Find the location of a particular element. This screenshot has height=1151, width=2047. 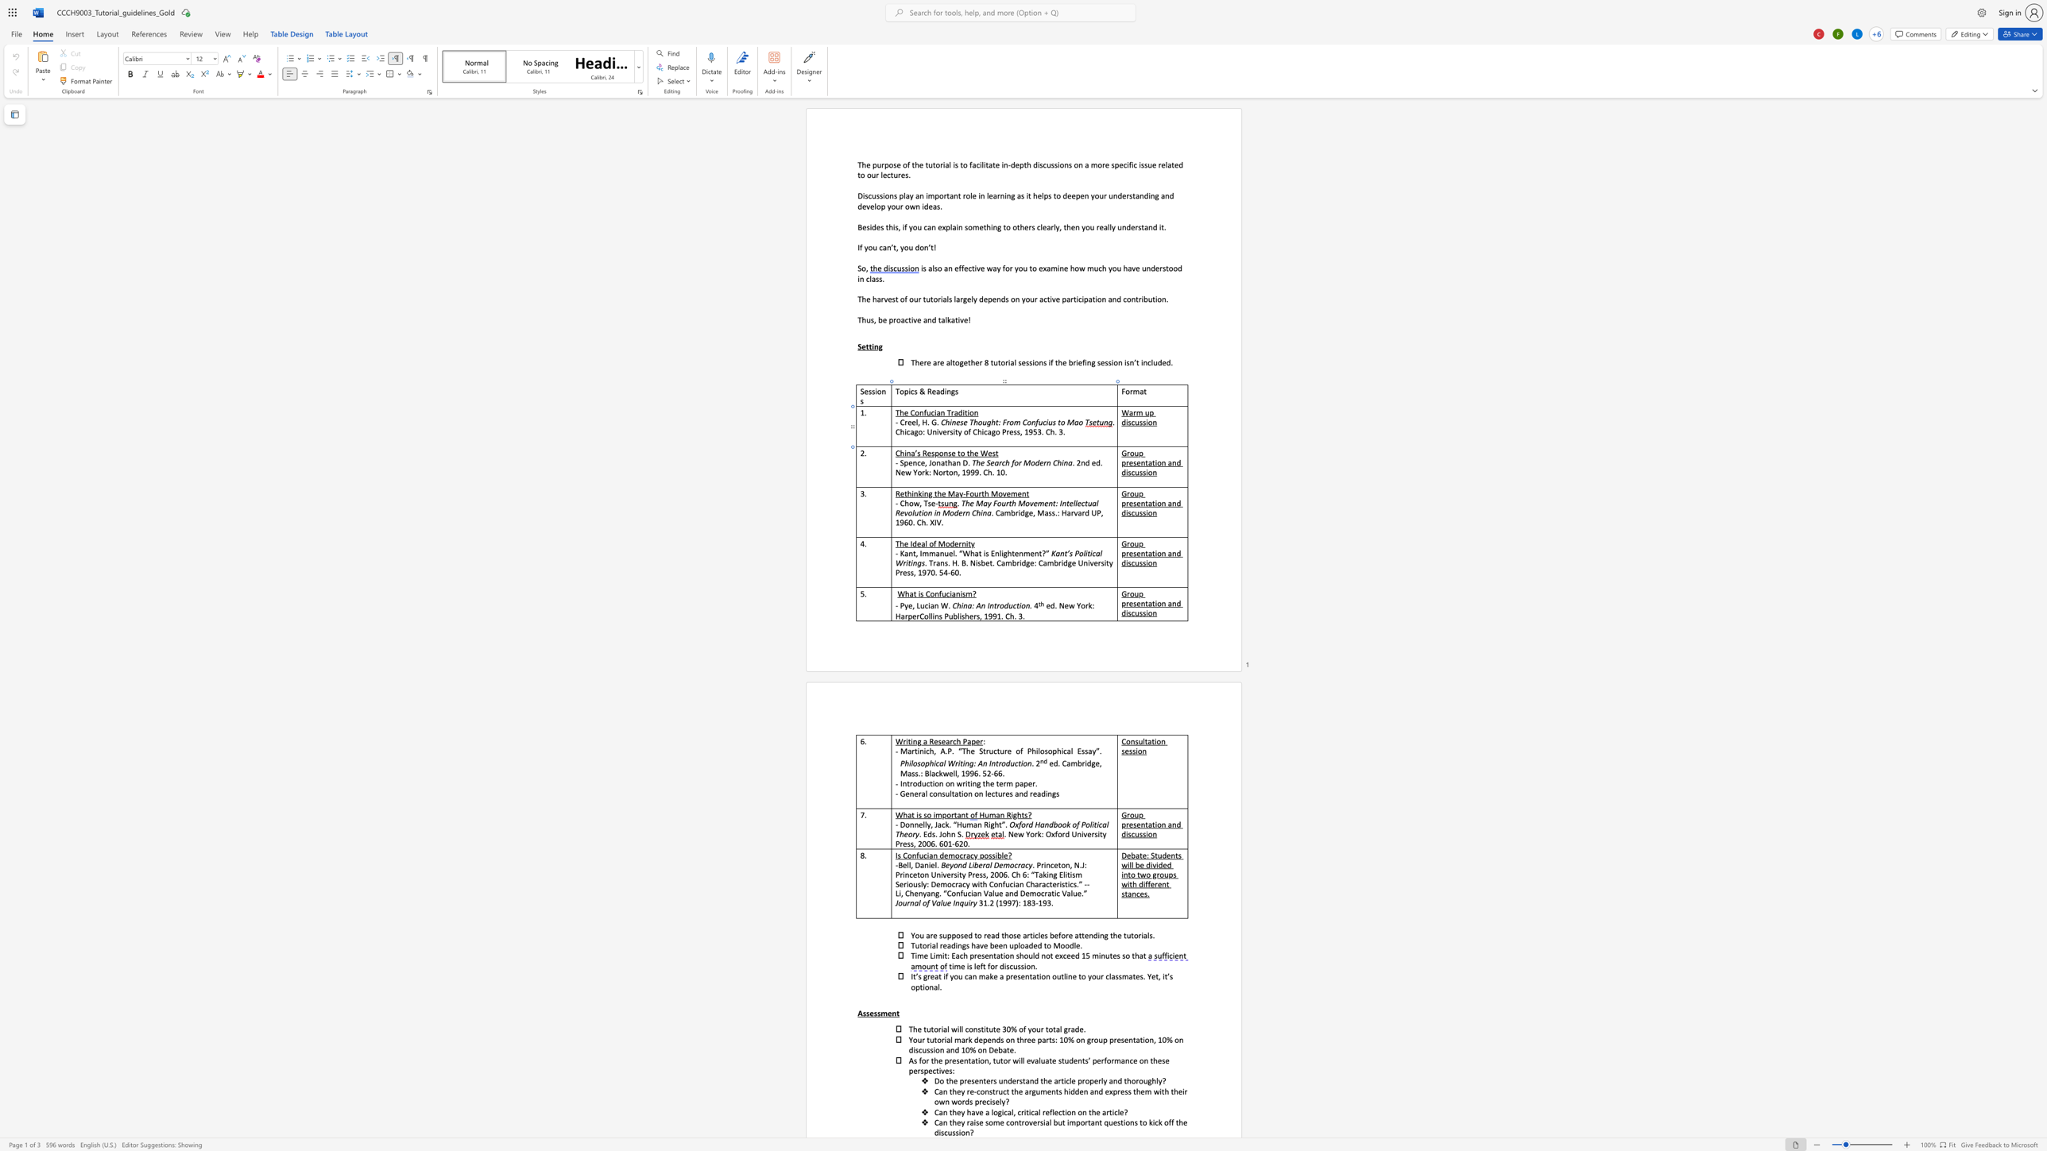

the space between the continuous character "T" and "h" in the text is located at coordinates (976, 462).